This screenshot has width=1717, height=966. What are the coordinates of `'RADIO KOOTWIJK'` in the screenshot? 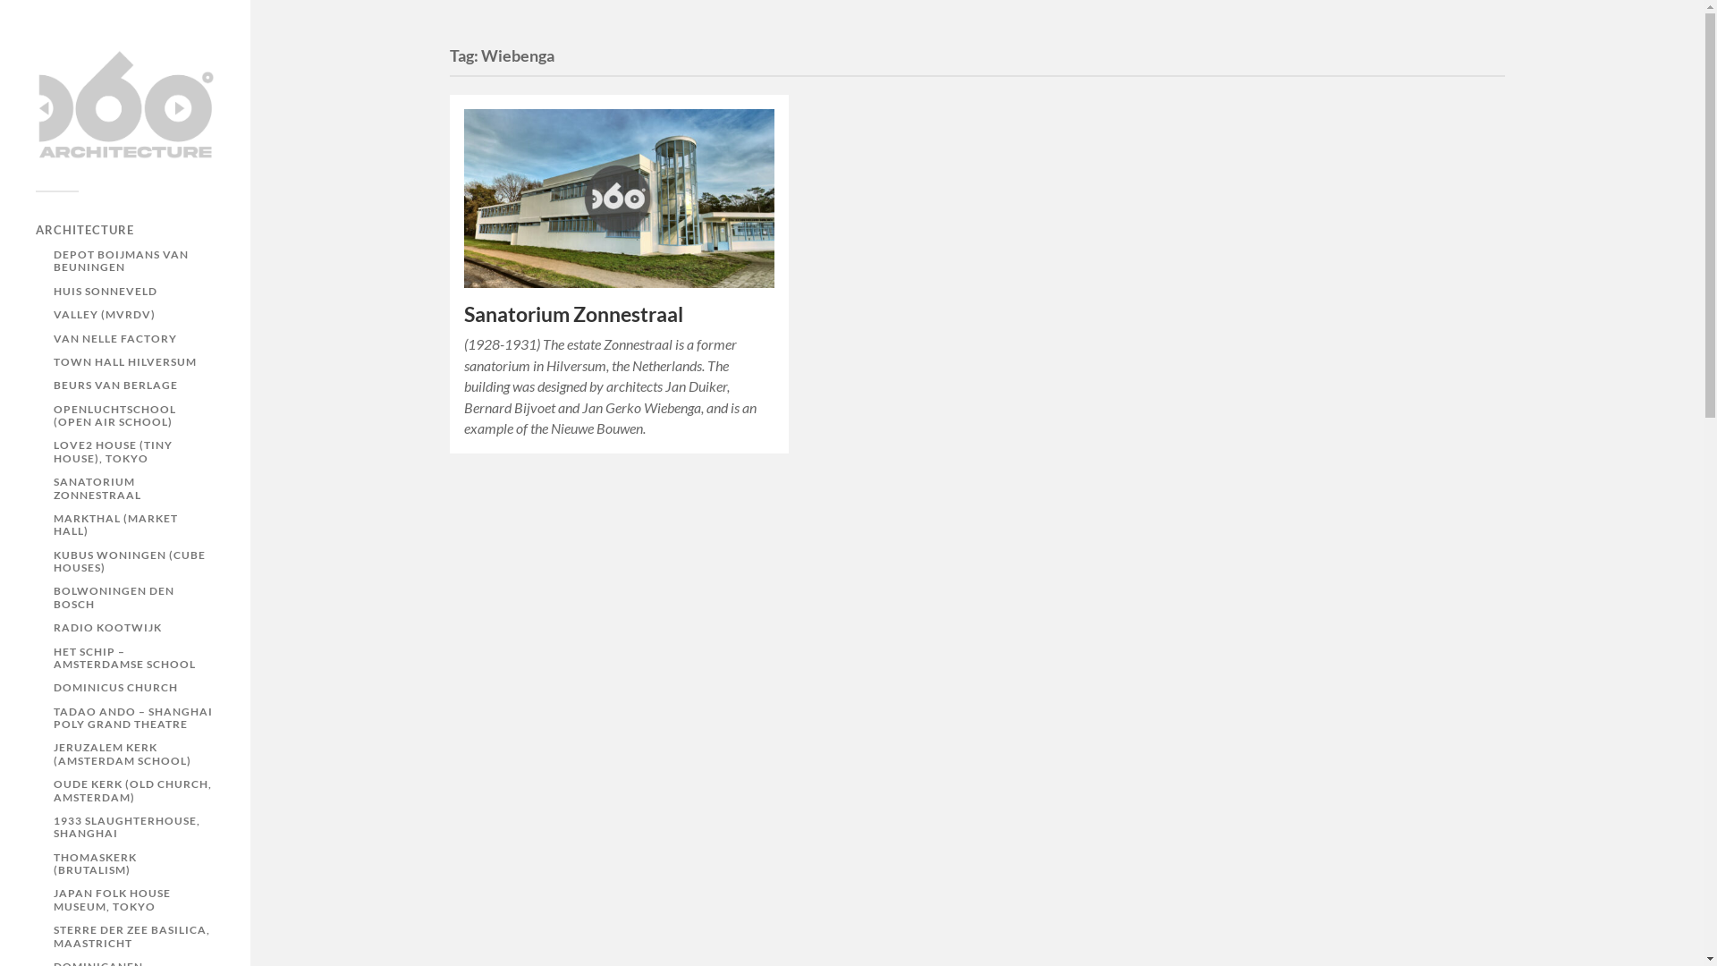 It's located at (106, 626).